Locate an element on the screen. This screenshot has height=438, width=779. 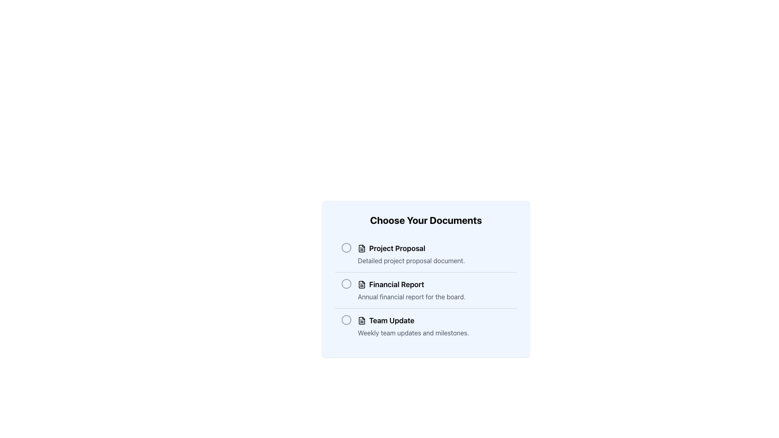
the selectable list item labeled 'Project Proposal' with the radio button is located at coordinates (426, 254).